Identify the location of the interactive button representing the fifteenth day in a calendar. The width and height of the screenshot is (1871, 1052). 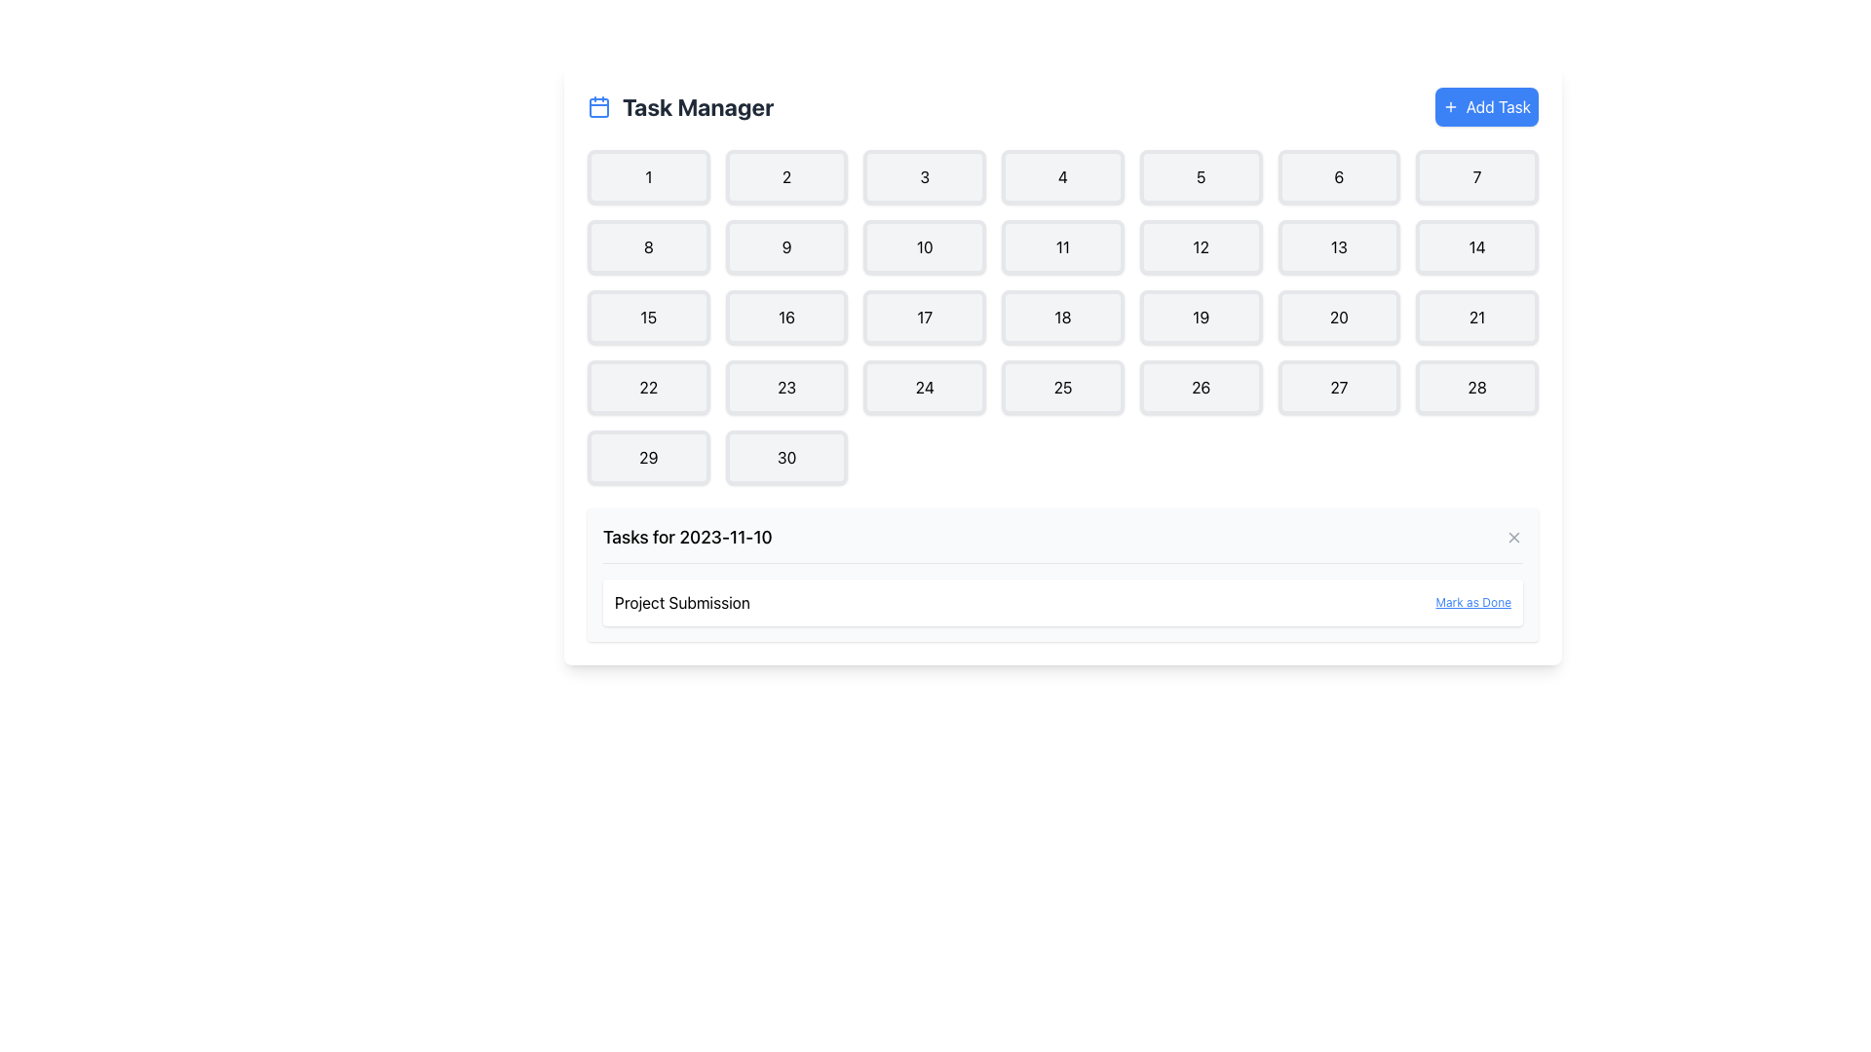
(648, 317).